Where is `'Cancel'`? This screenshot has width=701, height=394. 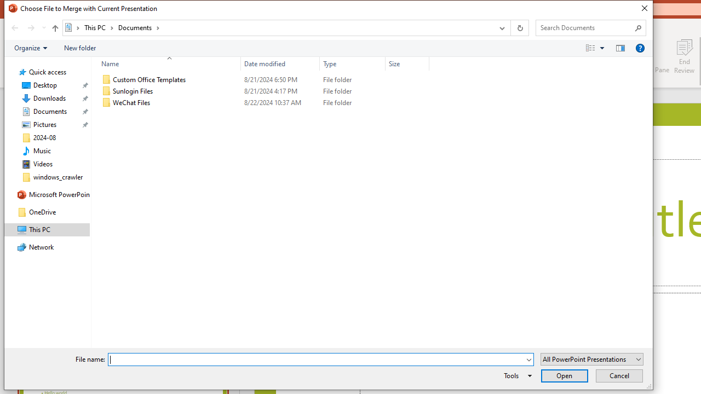
'Cancel' is located at coordinates (619, 375).